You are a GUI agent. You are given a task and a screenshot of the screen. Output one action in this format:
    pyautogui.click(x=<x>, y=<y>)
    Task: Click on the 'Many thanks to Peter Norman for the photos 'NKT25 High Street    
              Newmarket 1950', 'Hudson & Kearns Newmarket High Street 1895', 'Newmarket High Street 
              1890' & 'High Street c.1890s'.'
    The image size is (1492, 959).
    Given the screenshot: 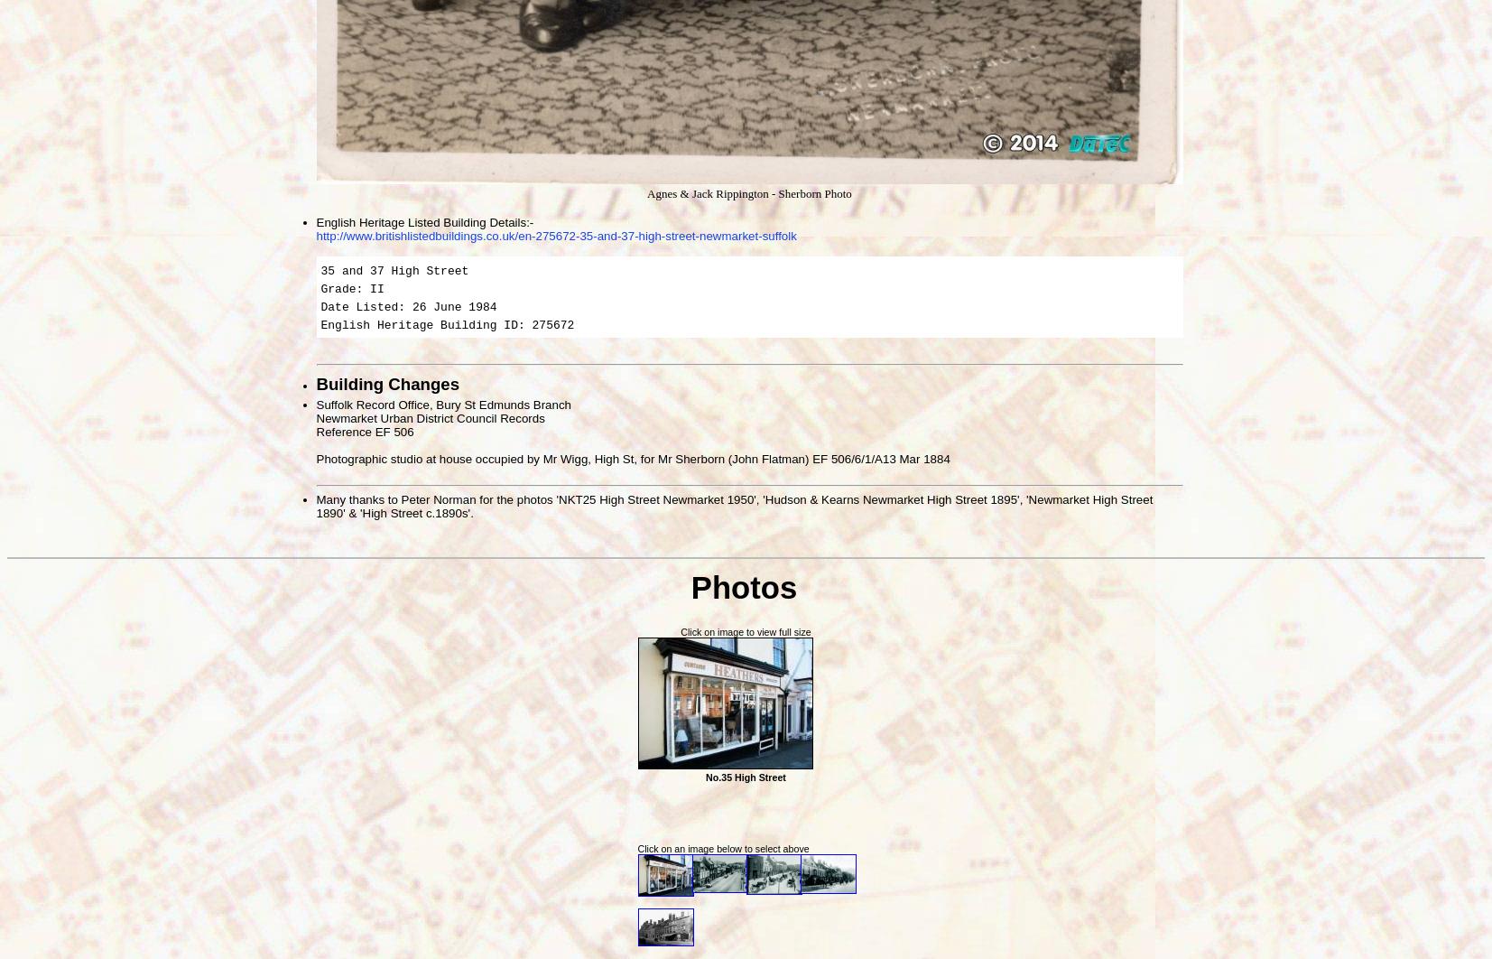 What is the action you would take?
    pyautogui.click(x=733, y=505)
    